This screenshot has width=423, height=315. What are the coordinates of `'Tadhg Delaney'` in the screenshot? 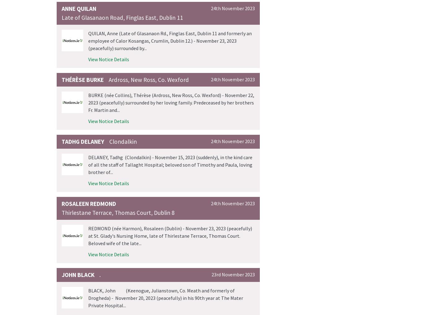 It's located at (83, 142).